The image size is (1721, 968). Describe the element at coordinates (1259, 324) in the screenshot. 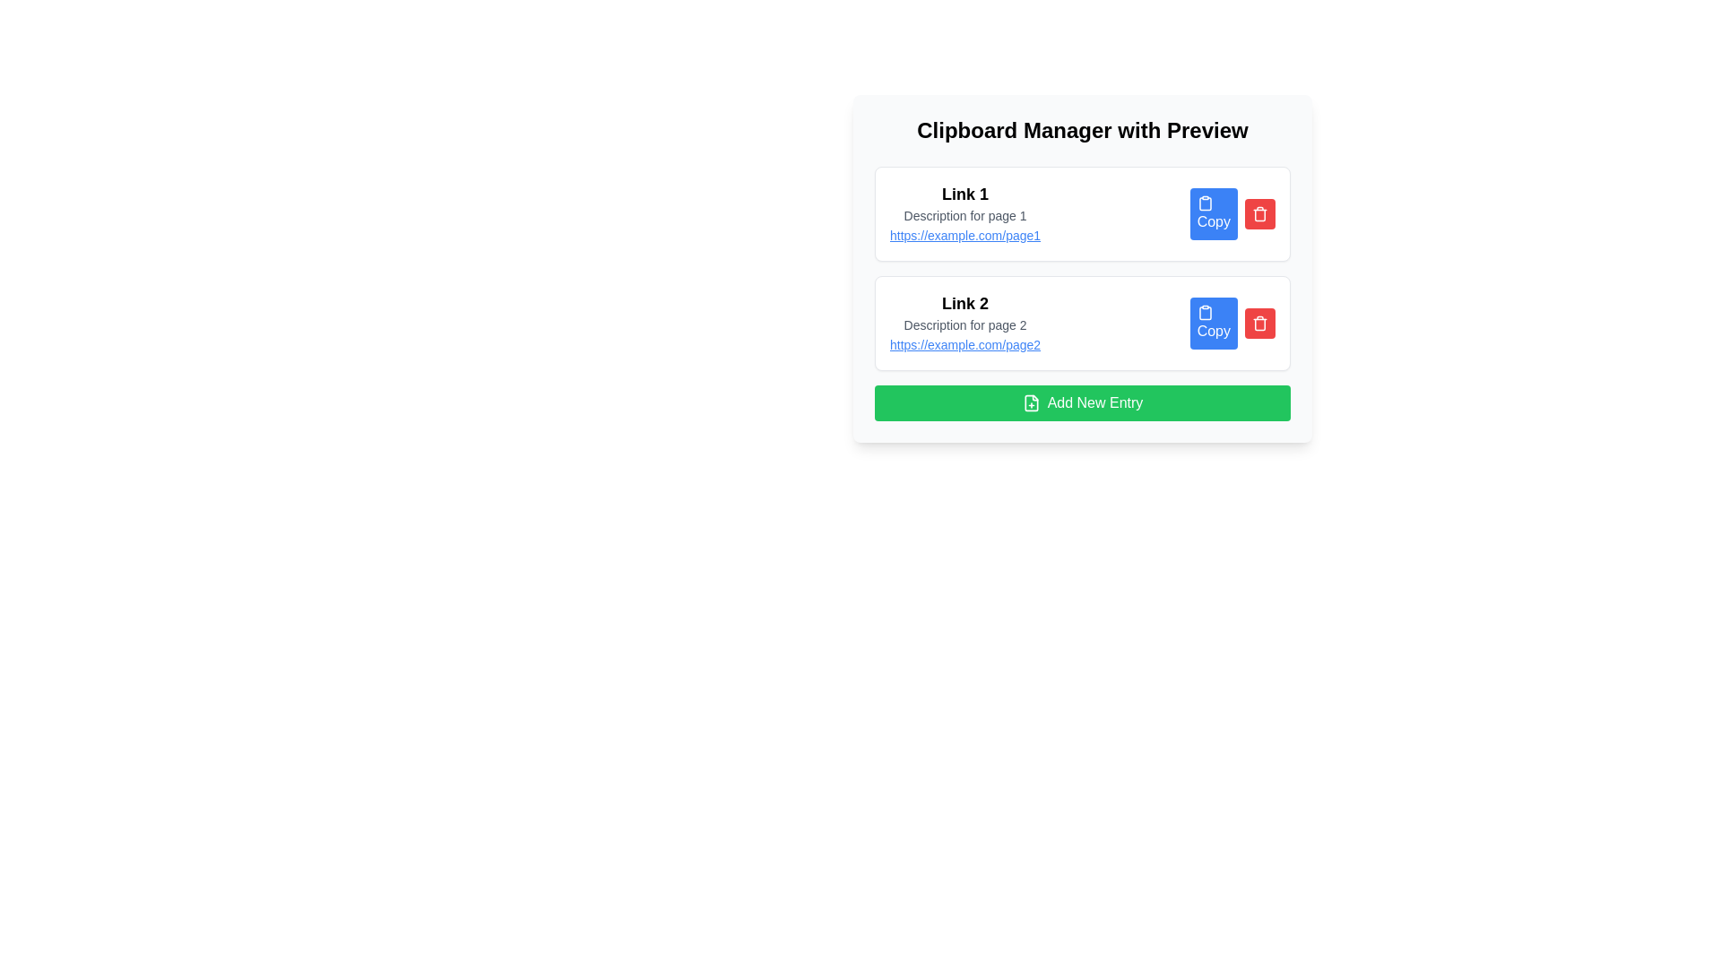

I see `the red delete button with a white trash can icon located to the right of the blue 'Copy' button in the second entry of the list` at that location.